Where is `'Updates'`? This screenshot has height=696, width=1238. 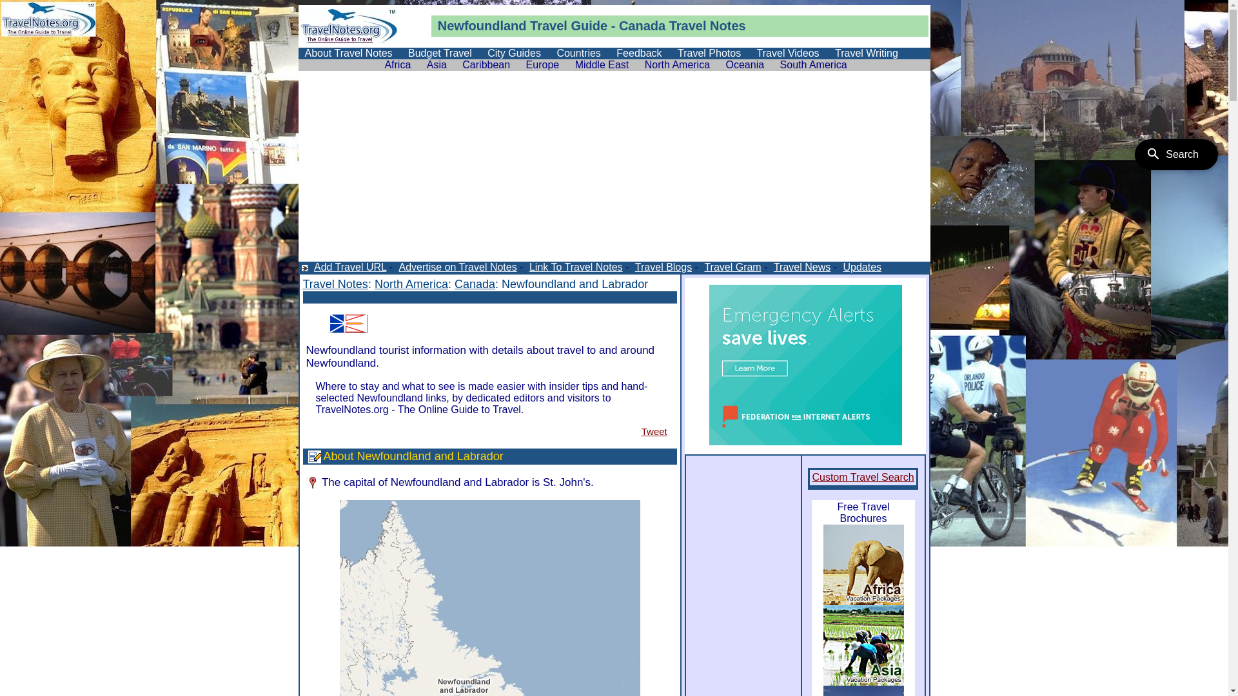
'Updates' is located at coordinates (861, 266).